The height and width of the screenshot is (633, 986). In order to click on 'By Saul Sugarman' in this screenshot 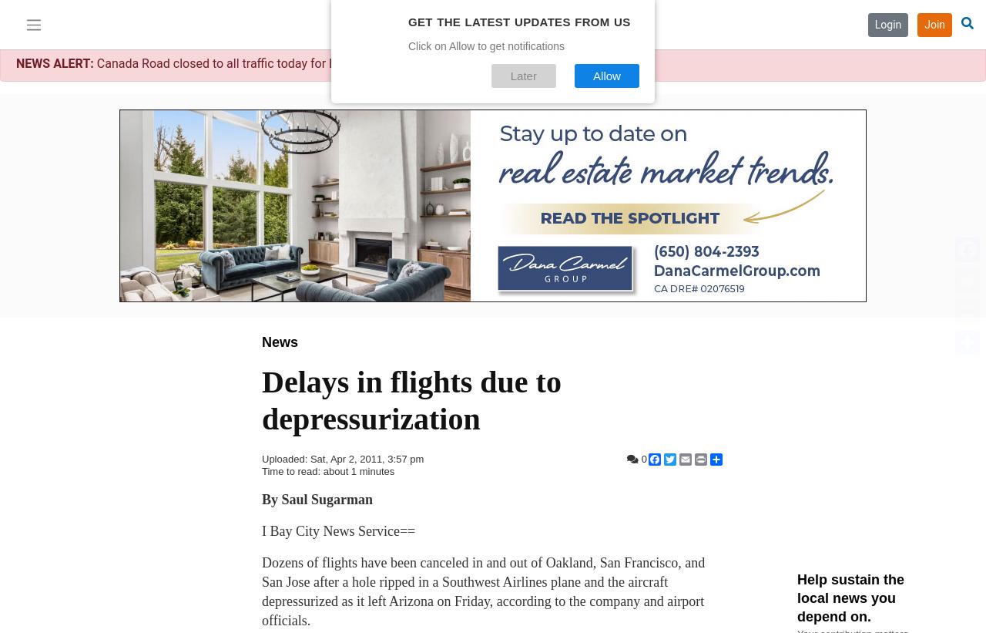, I will do `click(317, 499)`.